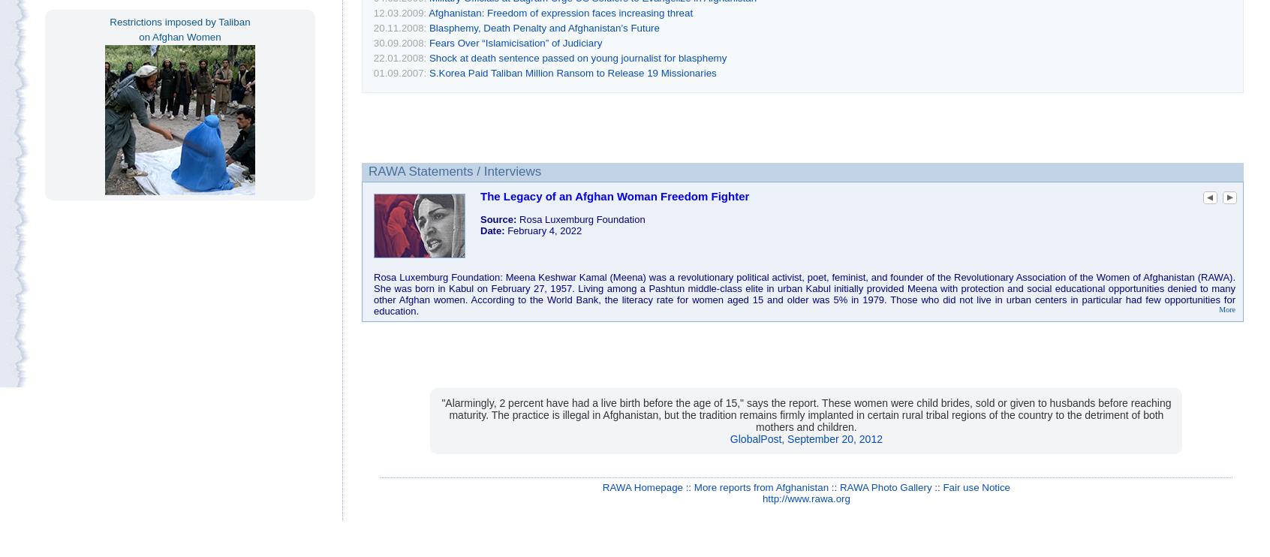 This screenshot has height=557, width=1270. Describe the element at coordinates (543, 27) in the screenshot. I see `'Blasphemy, Death Penalty and Afghanistan’s Future'` at that location.